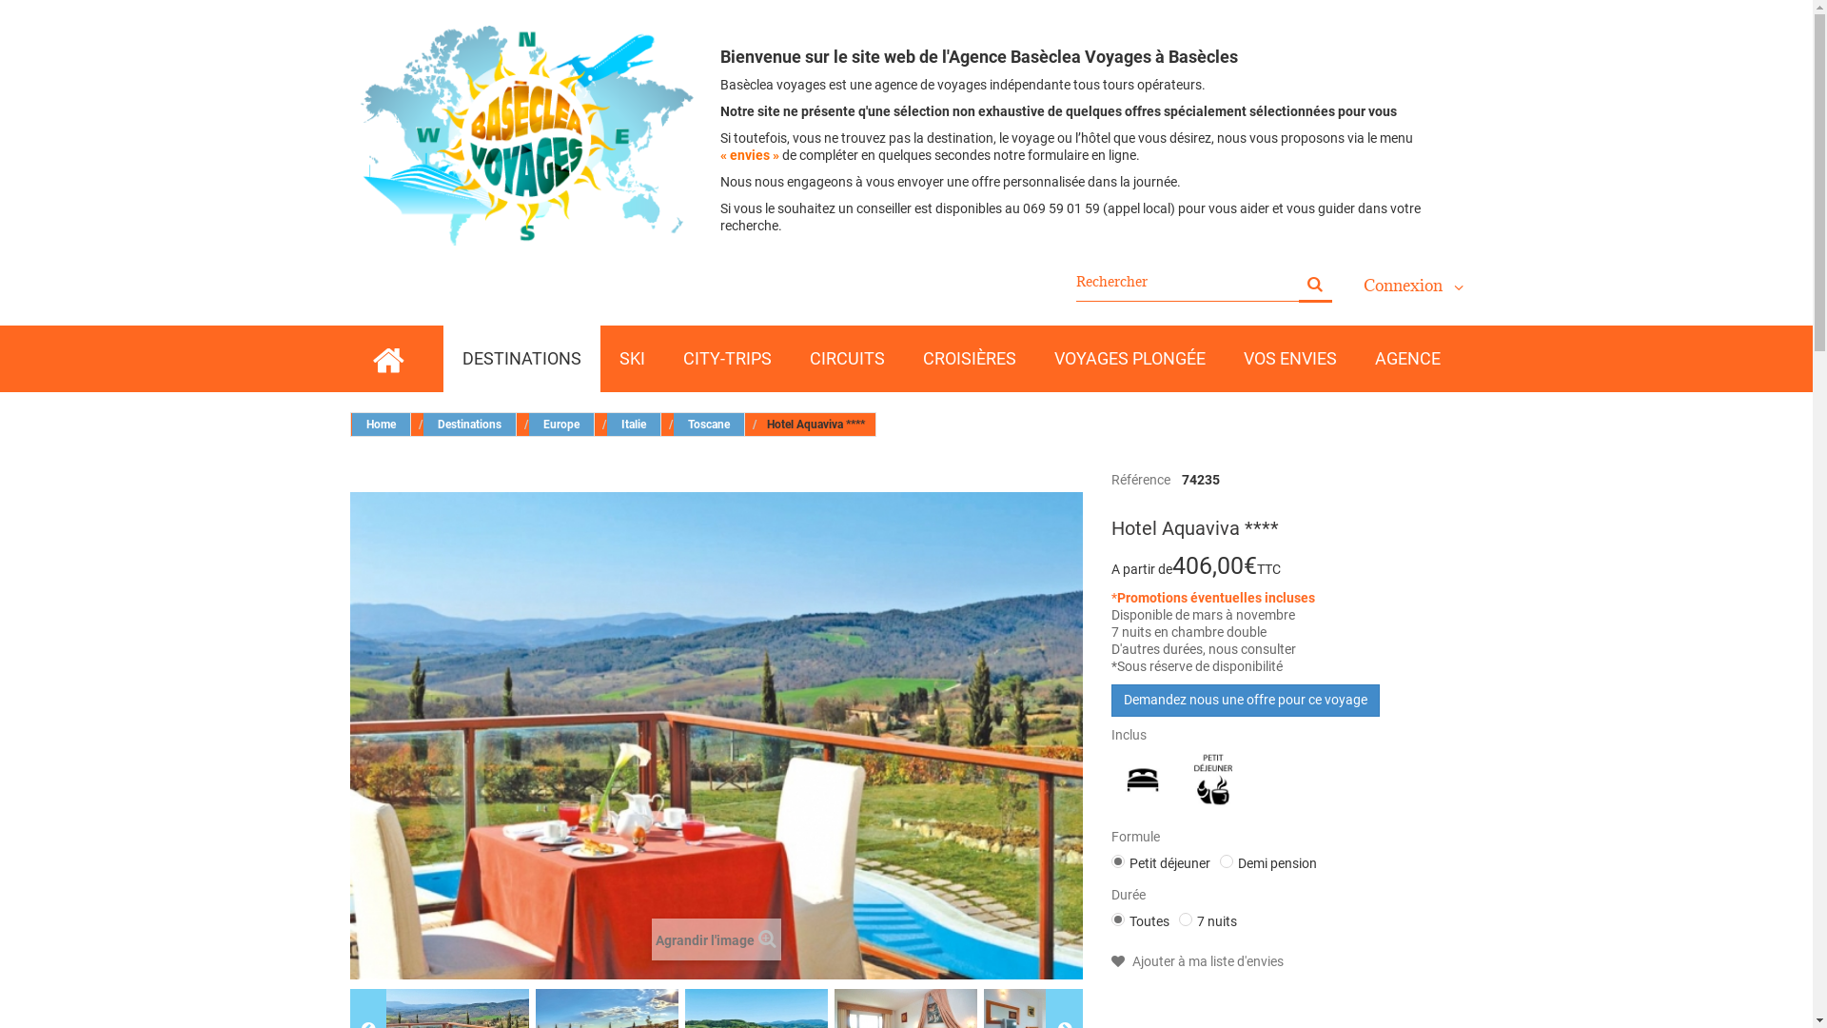  I want to click on 'CITY-TRIPS', so click(726, 359).